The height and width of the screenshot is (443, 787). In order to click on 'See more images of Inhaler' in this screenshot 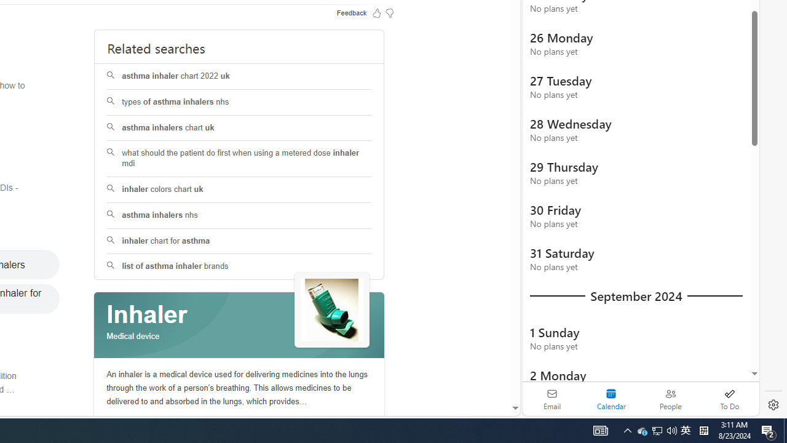, I will do `click(332, 310)`.